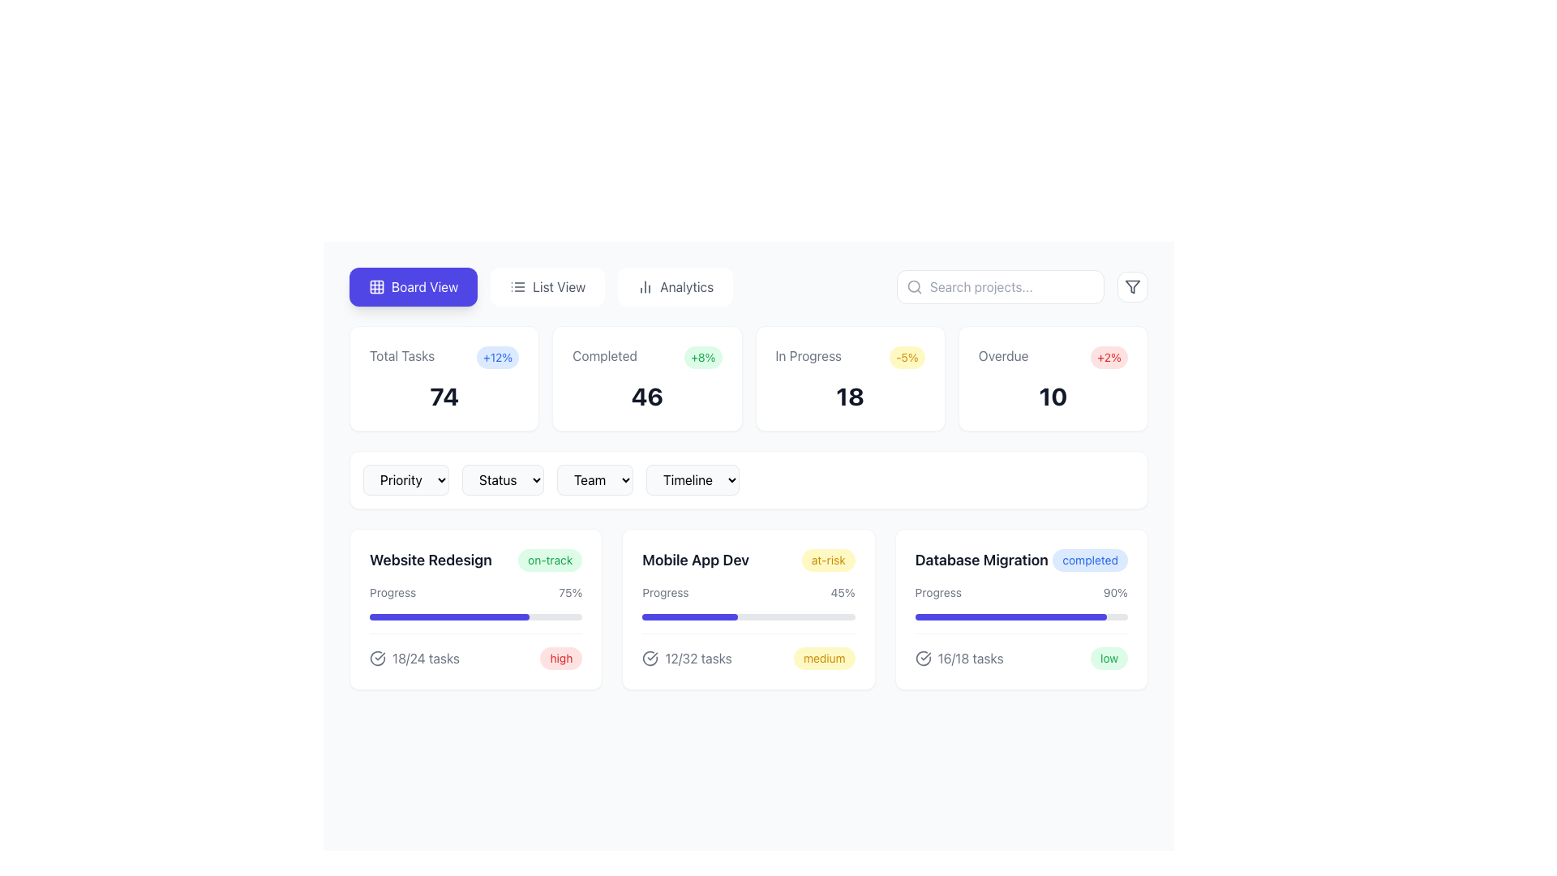  What do you see at coordinates (475, 626) in the screenshot?
I see `the progress indication on the progress bar located in the 'Website Redesign' panel, which has a gray background and a partial blue fill, positioned between 'Progress 75%' and the task details` at bounding box center [475, 626].